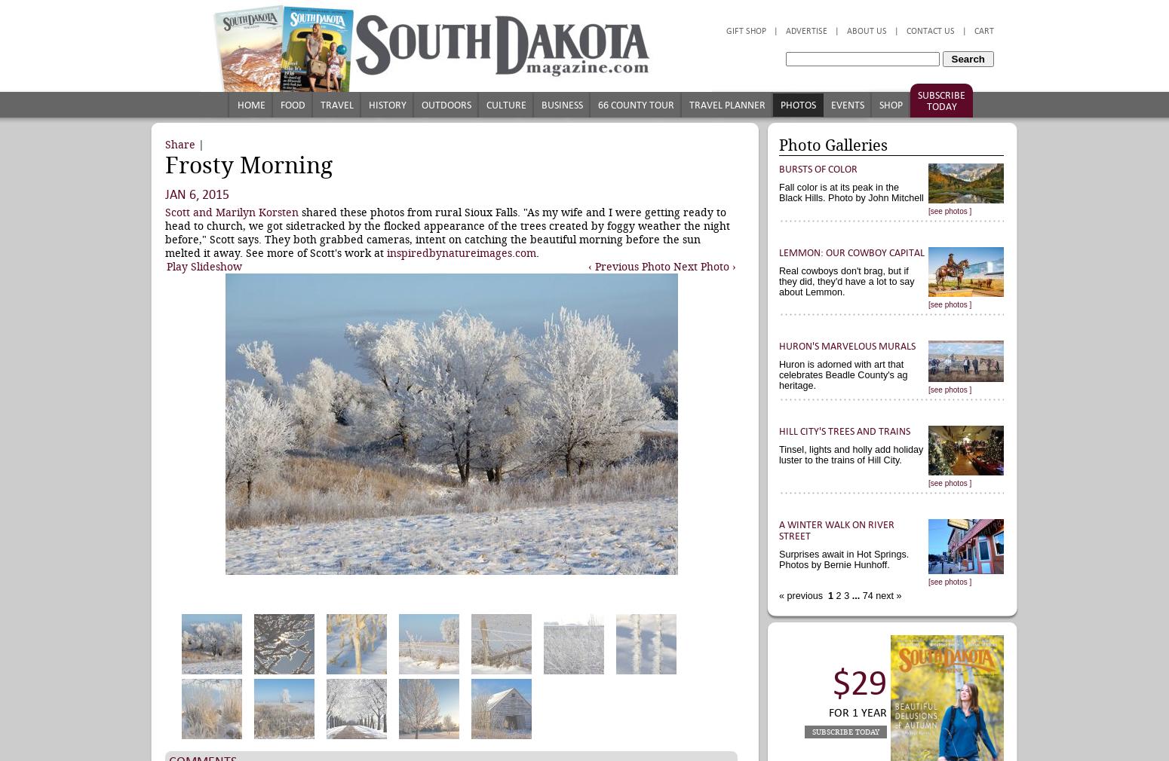 This screenshot has width=1169, height=761. I want to click on 'for 1 Year', so click(827, 712).